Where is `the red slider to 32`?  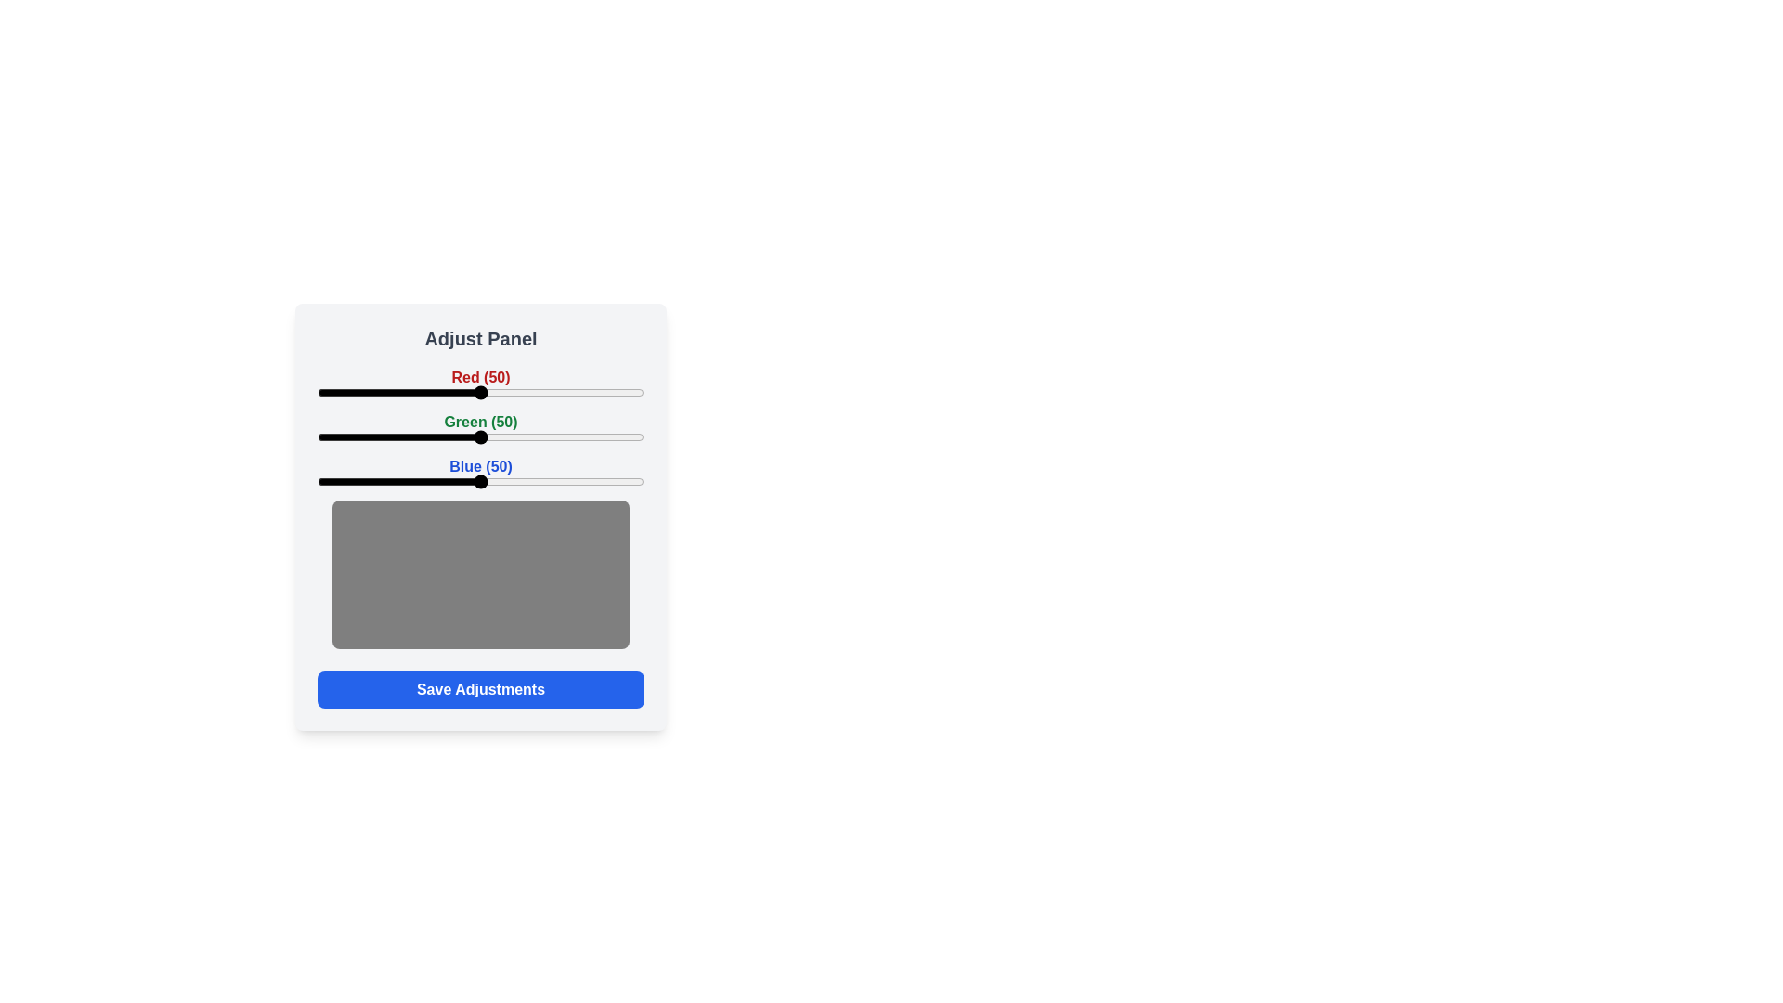
the red slider to 32 is located at coordinates (421, 392).